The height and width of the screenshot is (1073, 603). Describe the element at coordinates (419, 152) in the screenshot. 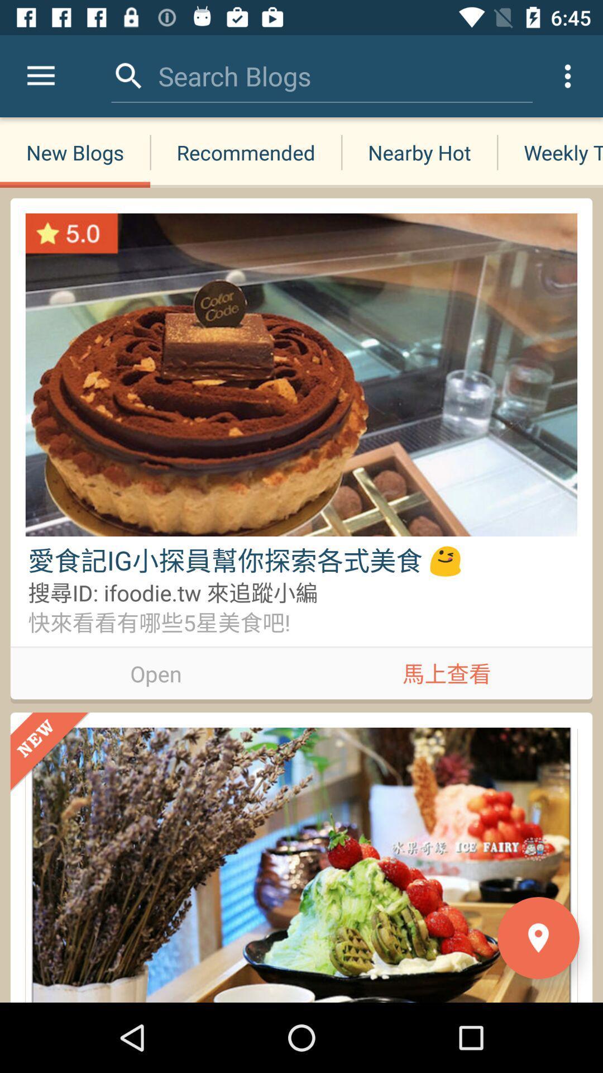

I see `icon next to weekly tops icon` at that location.